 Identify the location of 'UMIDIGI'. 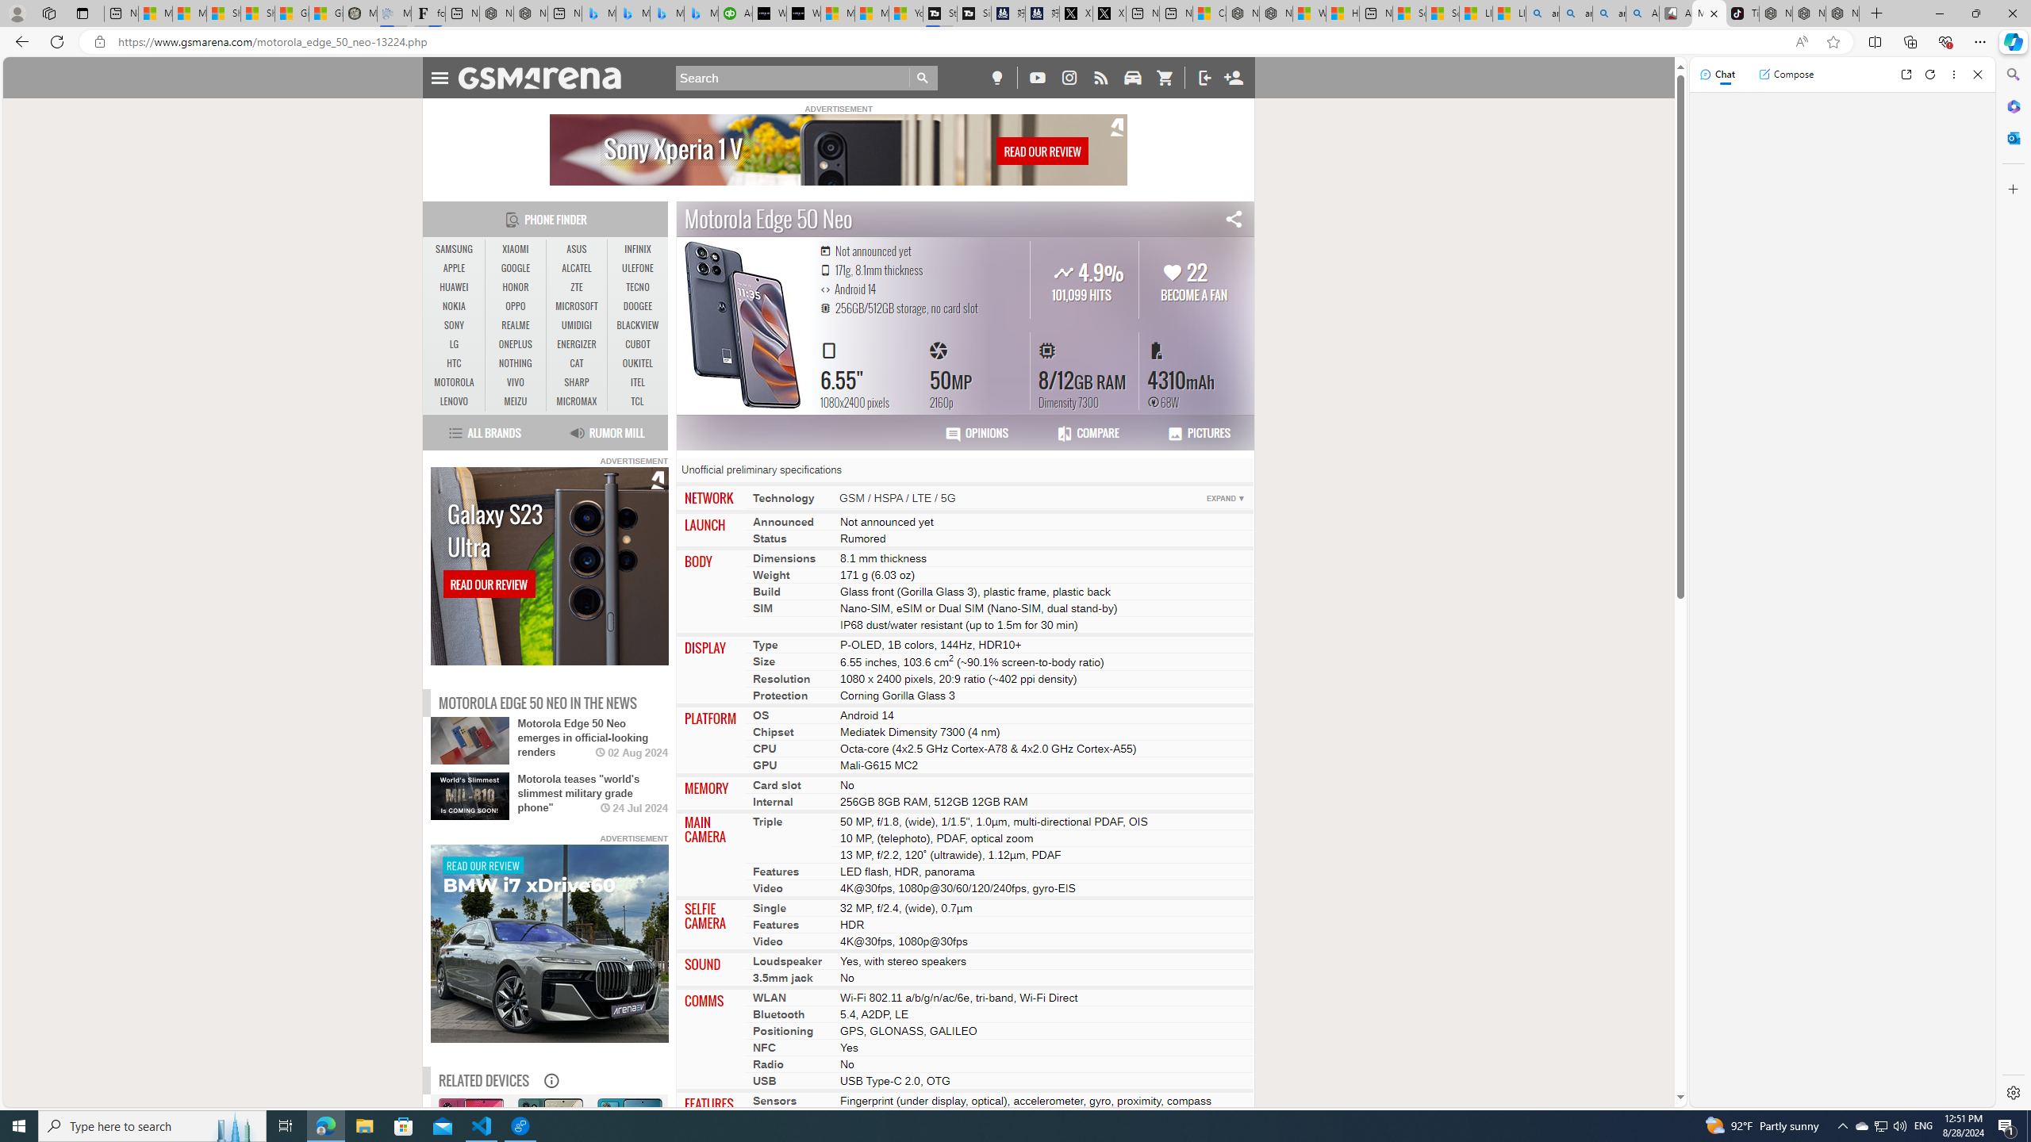
(576, 324).